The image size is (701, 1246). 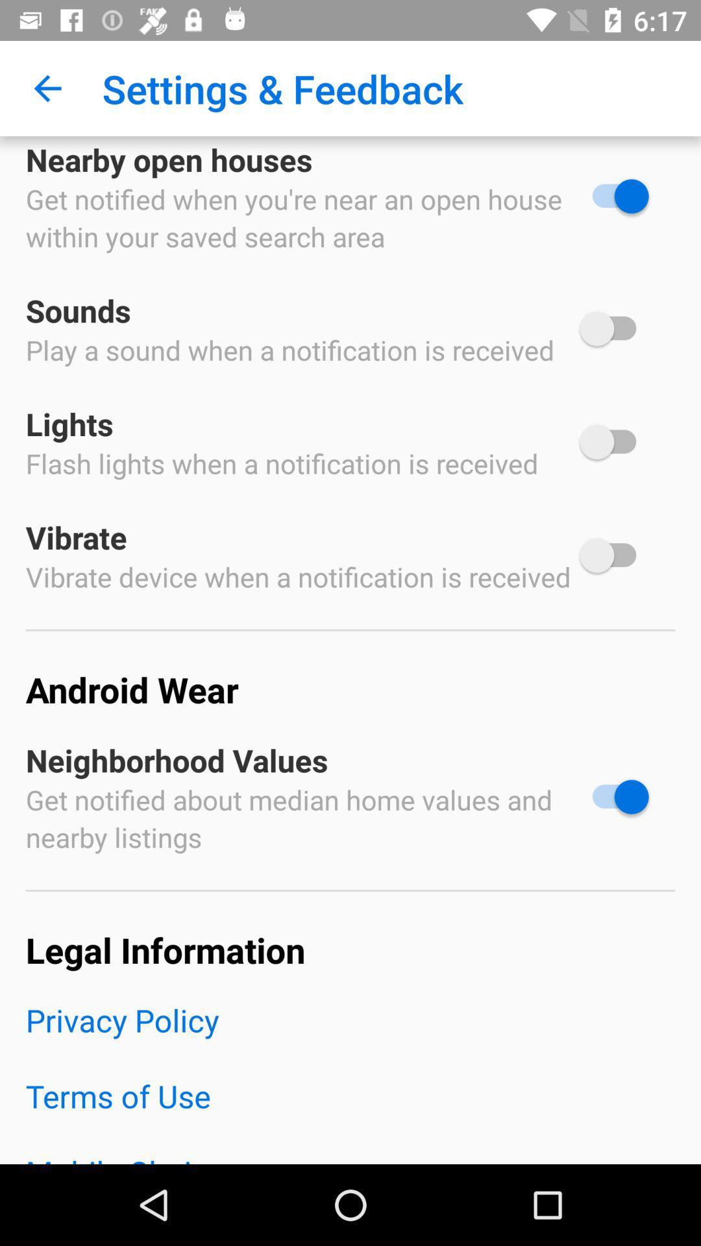 What do you see at coordinates (47, 88) in the screenshot?
I see `the item next to settings & feedback app` at bounding box center [47, 88].